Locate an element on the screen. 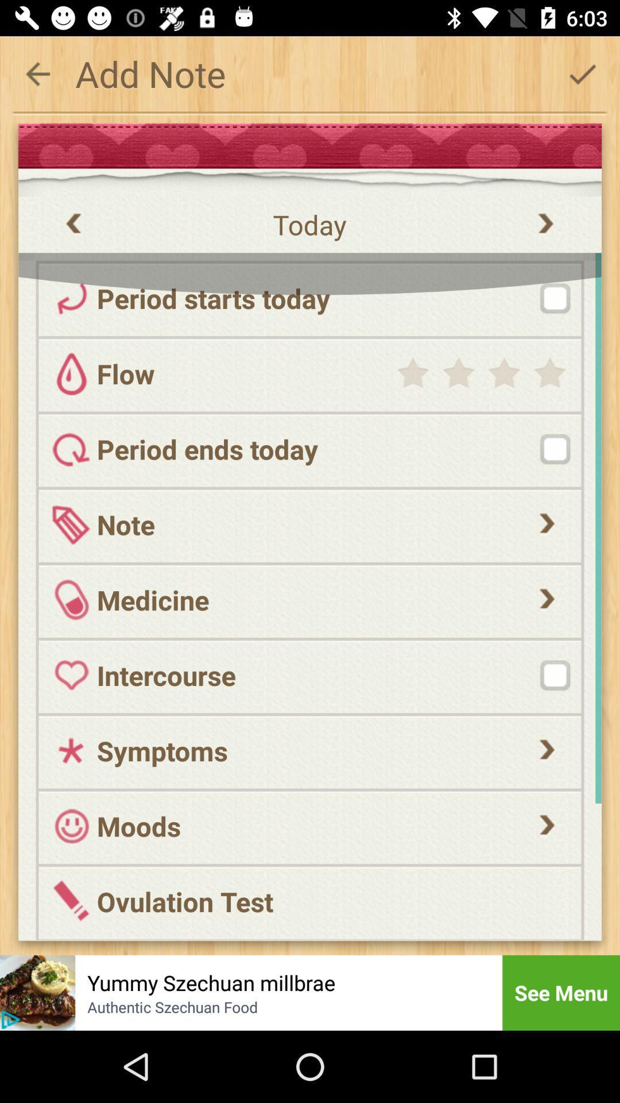  the arrow_forward icon is located at coordinates (547, 743).